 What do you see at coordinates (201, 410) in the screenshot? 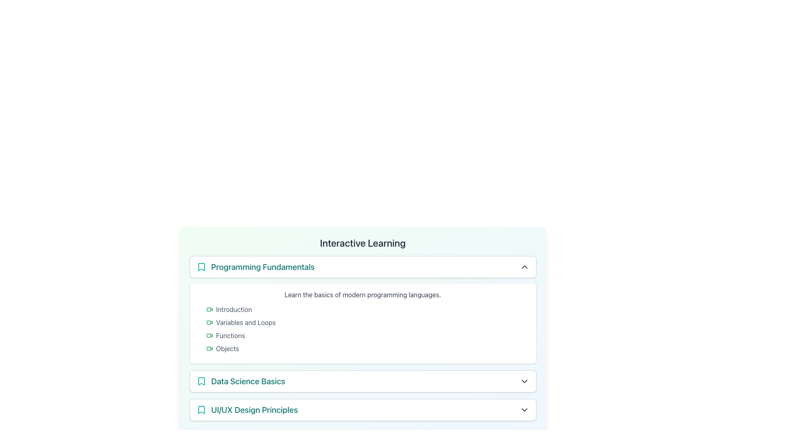
I see `the bookmark icon located next to the text 'UI/UX Design Principles' in the bottom-center region of the interface` at bounding box center [201, 410].